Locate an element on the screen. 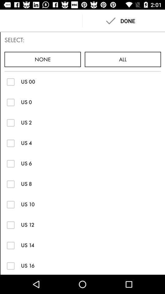 Image resolution: width=165 pixels, height=294 pixels. the button is located at coordinates (11, 122).